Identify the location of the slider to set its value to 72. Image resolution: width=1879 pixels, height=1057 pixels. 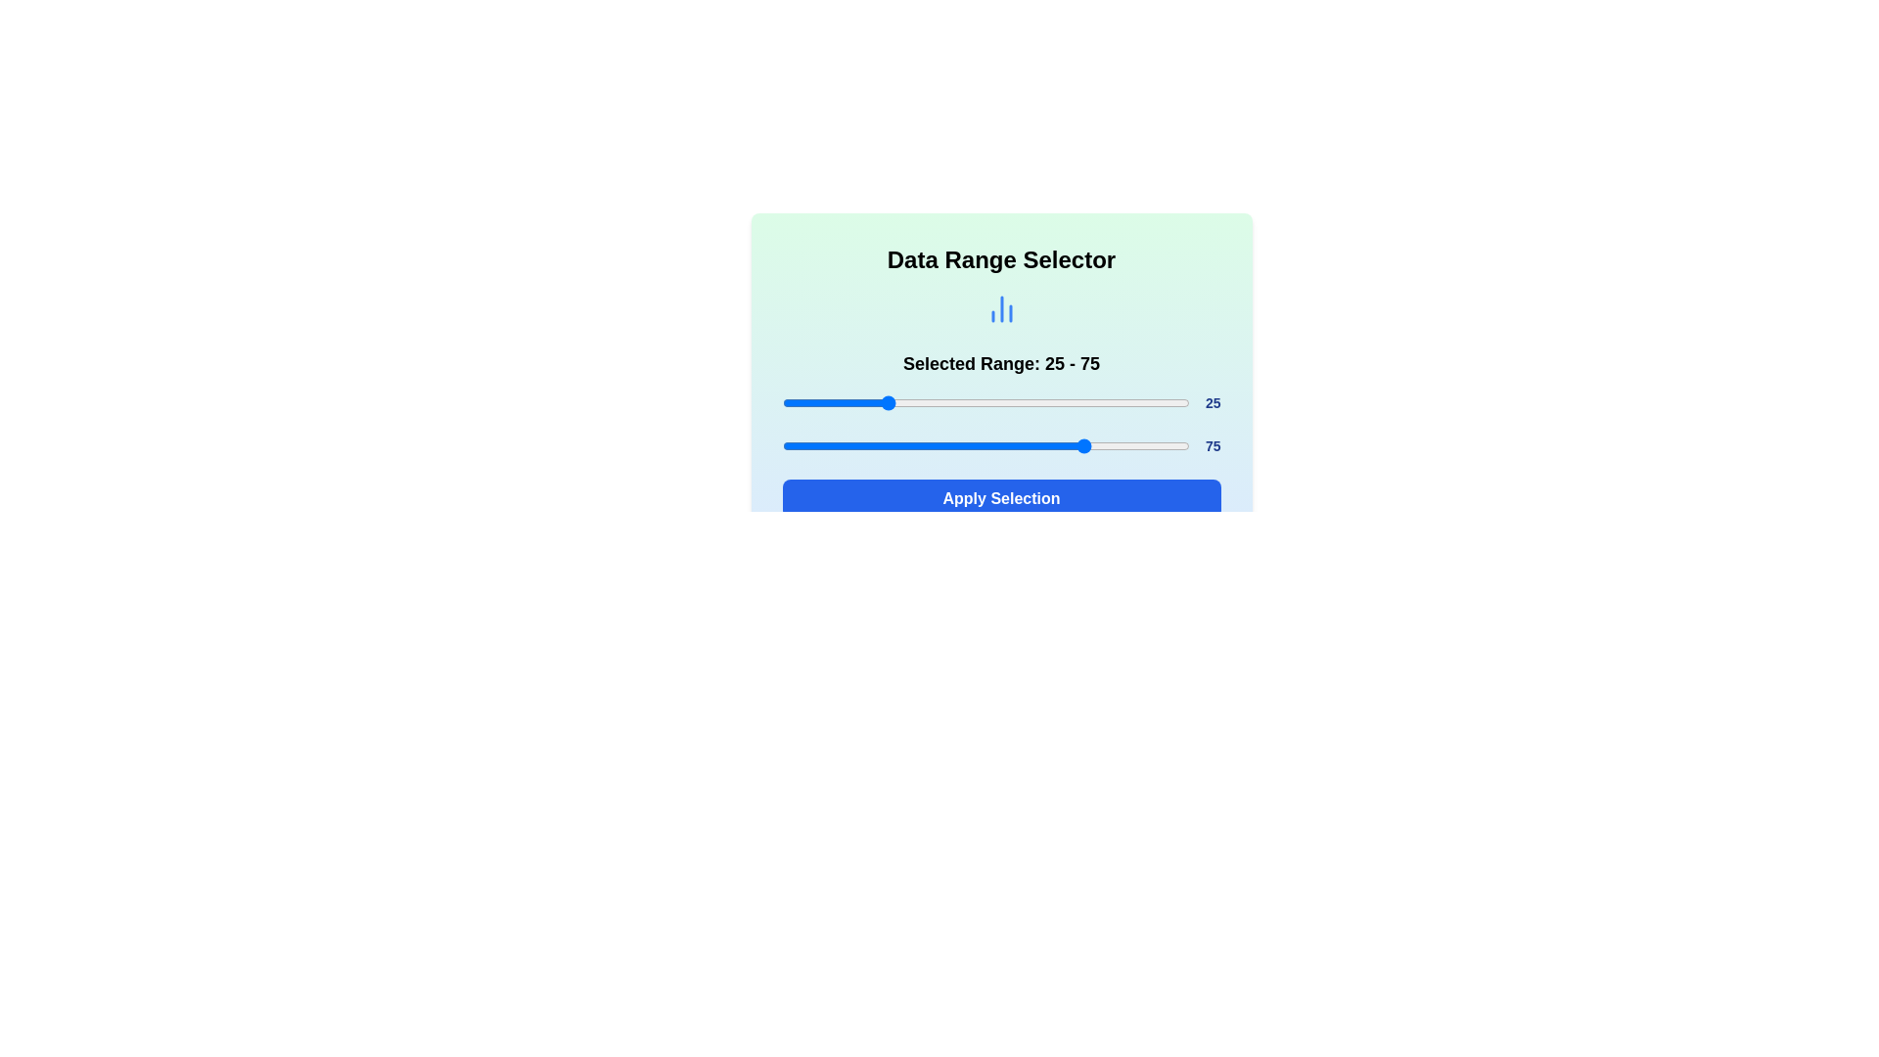
(1075, 402).